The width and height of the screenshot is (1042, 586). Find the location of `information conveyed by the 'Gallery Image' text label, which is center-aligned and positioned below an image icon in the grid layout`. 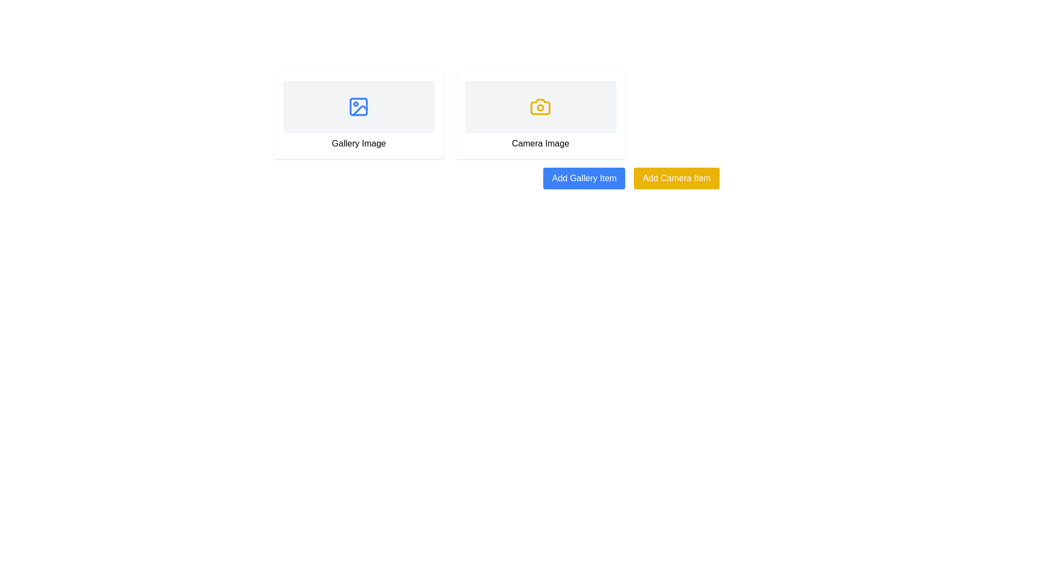

information conveyed by the 'Gallery Image' text label, which is center-aligned and positioned below an image icon in the grid layout is located at coordinates (359, 143).